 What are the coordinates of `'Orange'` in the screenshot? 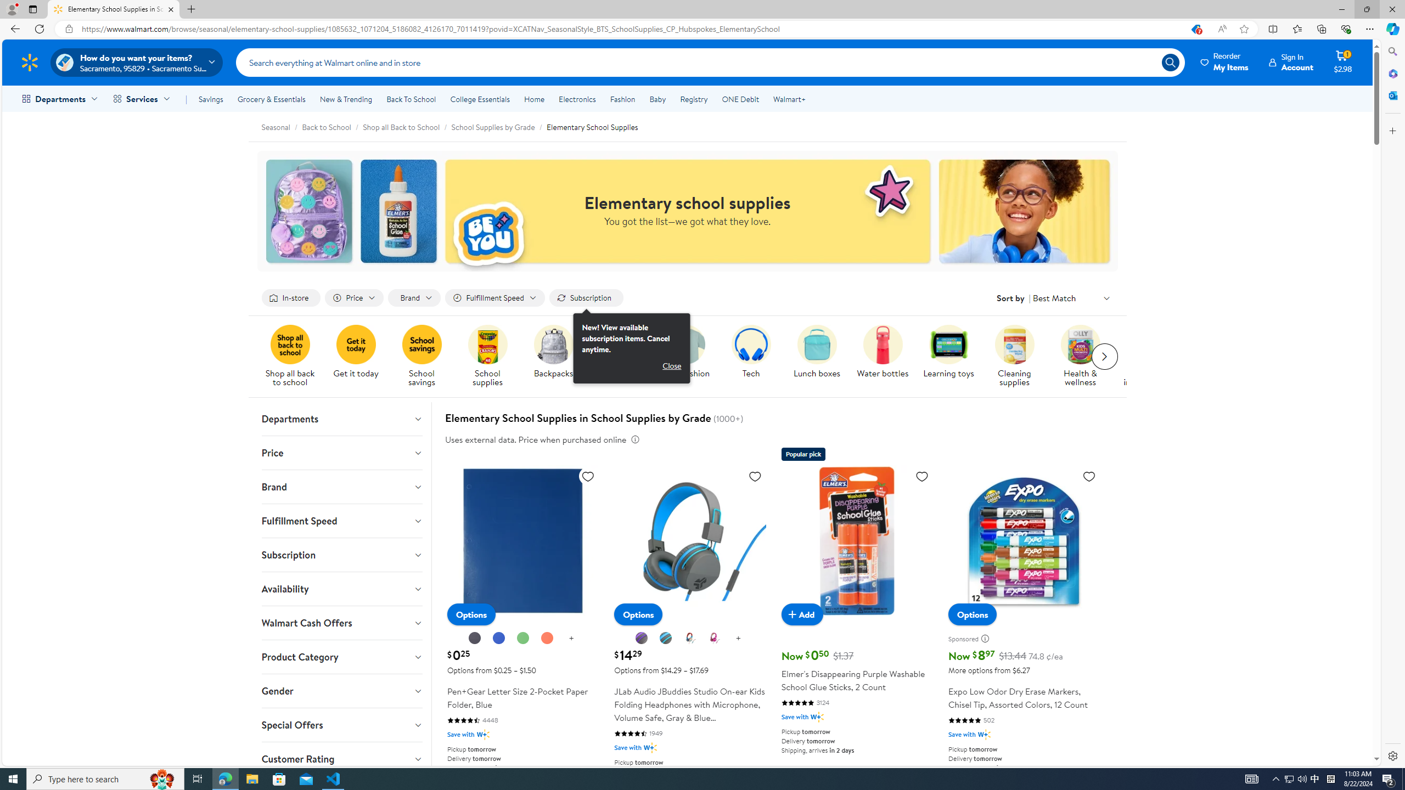 It's located at (546, 638).